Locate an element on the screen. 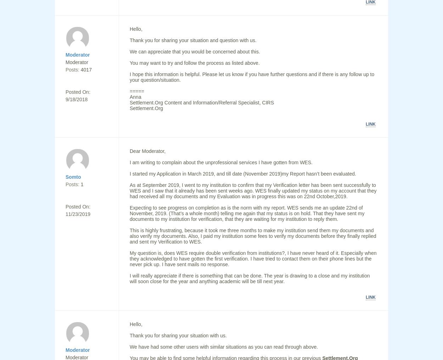 The height and width of the screenshot is (360, 443). '1' is located at coordinates (82, 184).